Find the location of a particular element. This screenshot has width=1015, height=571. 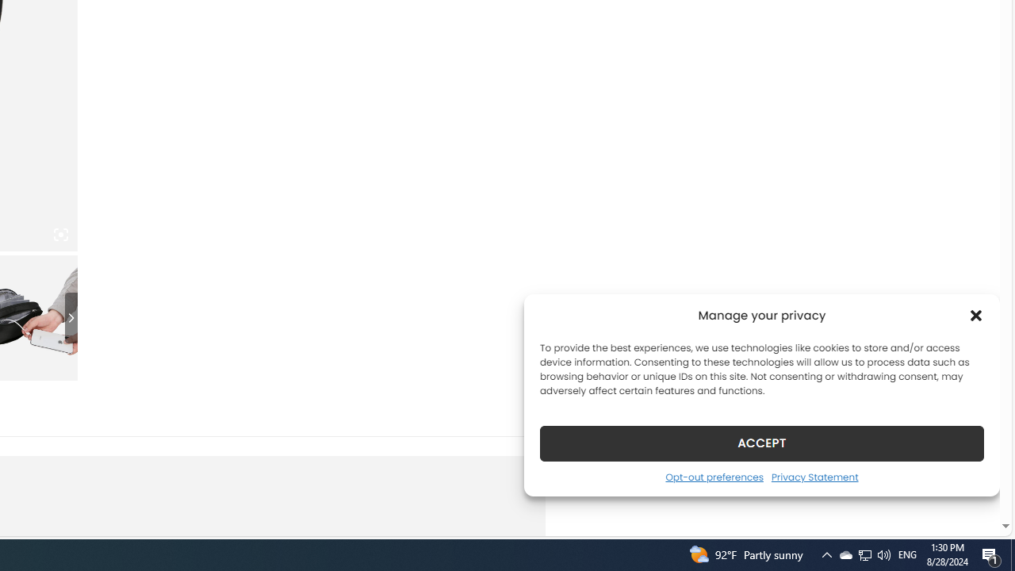

'Privacy Statement' is located at coordinates (814, 476).